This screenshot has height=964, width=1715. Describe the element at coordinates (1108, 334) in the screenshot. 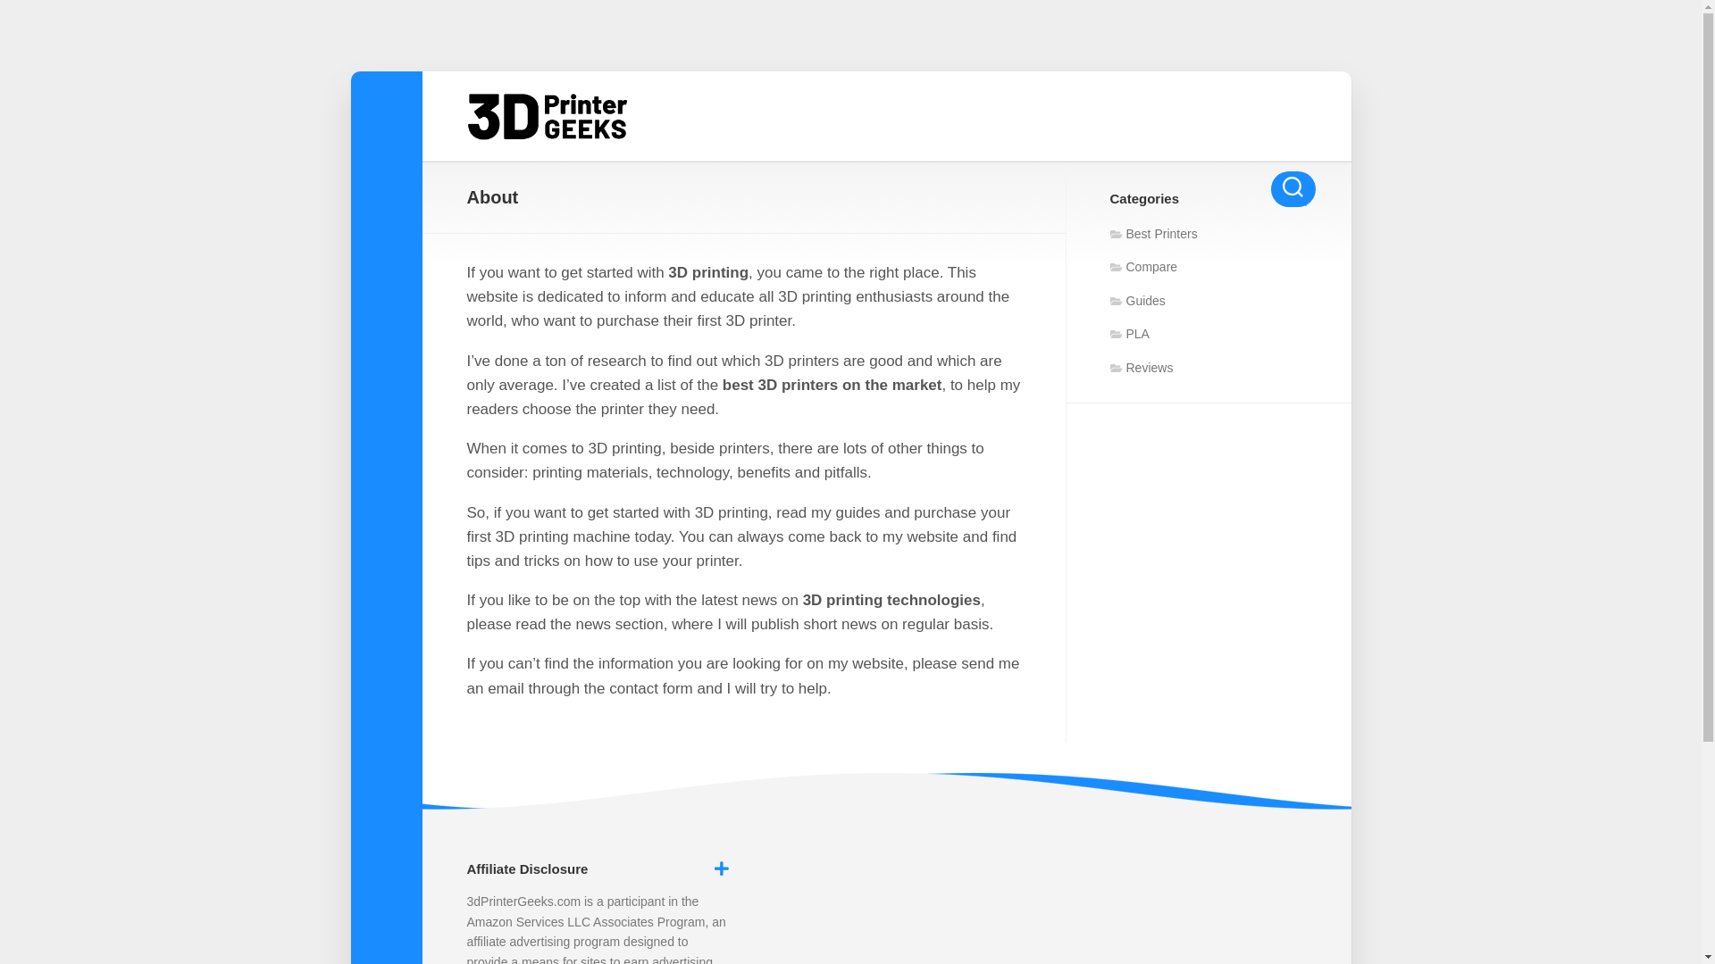

I see `'PLA'` at that location.